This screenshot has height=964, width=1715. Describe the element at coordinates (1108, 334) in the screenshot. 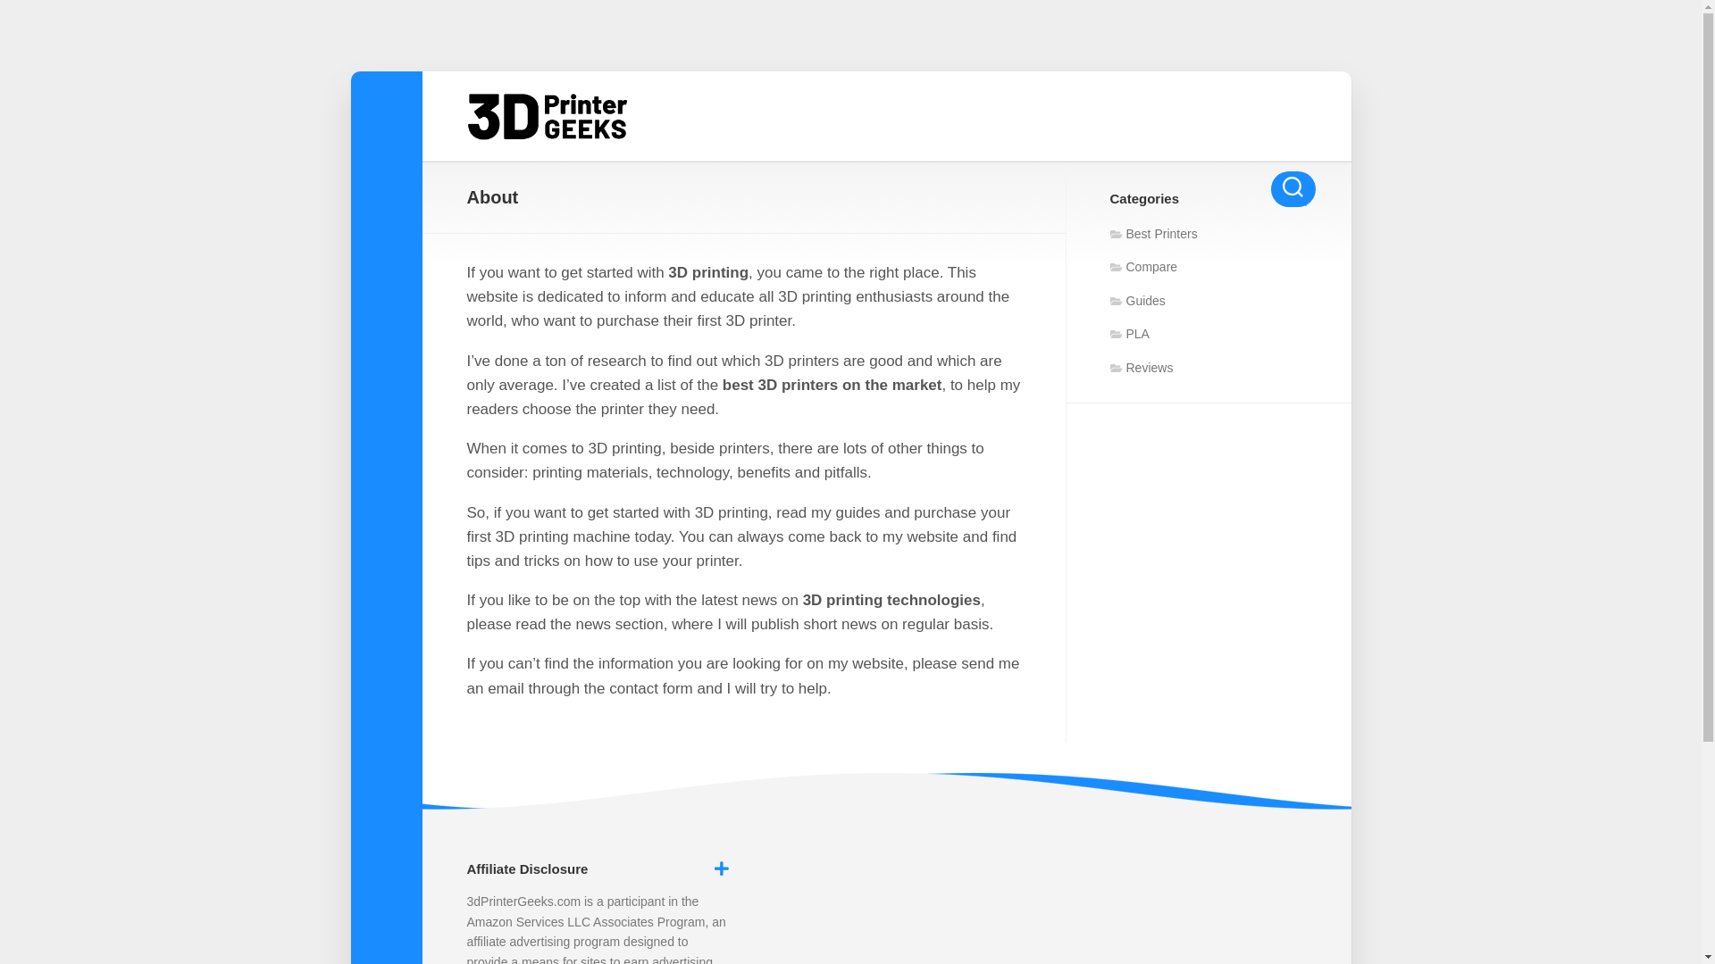

I see `'PLA'` at that location.